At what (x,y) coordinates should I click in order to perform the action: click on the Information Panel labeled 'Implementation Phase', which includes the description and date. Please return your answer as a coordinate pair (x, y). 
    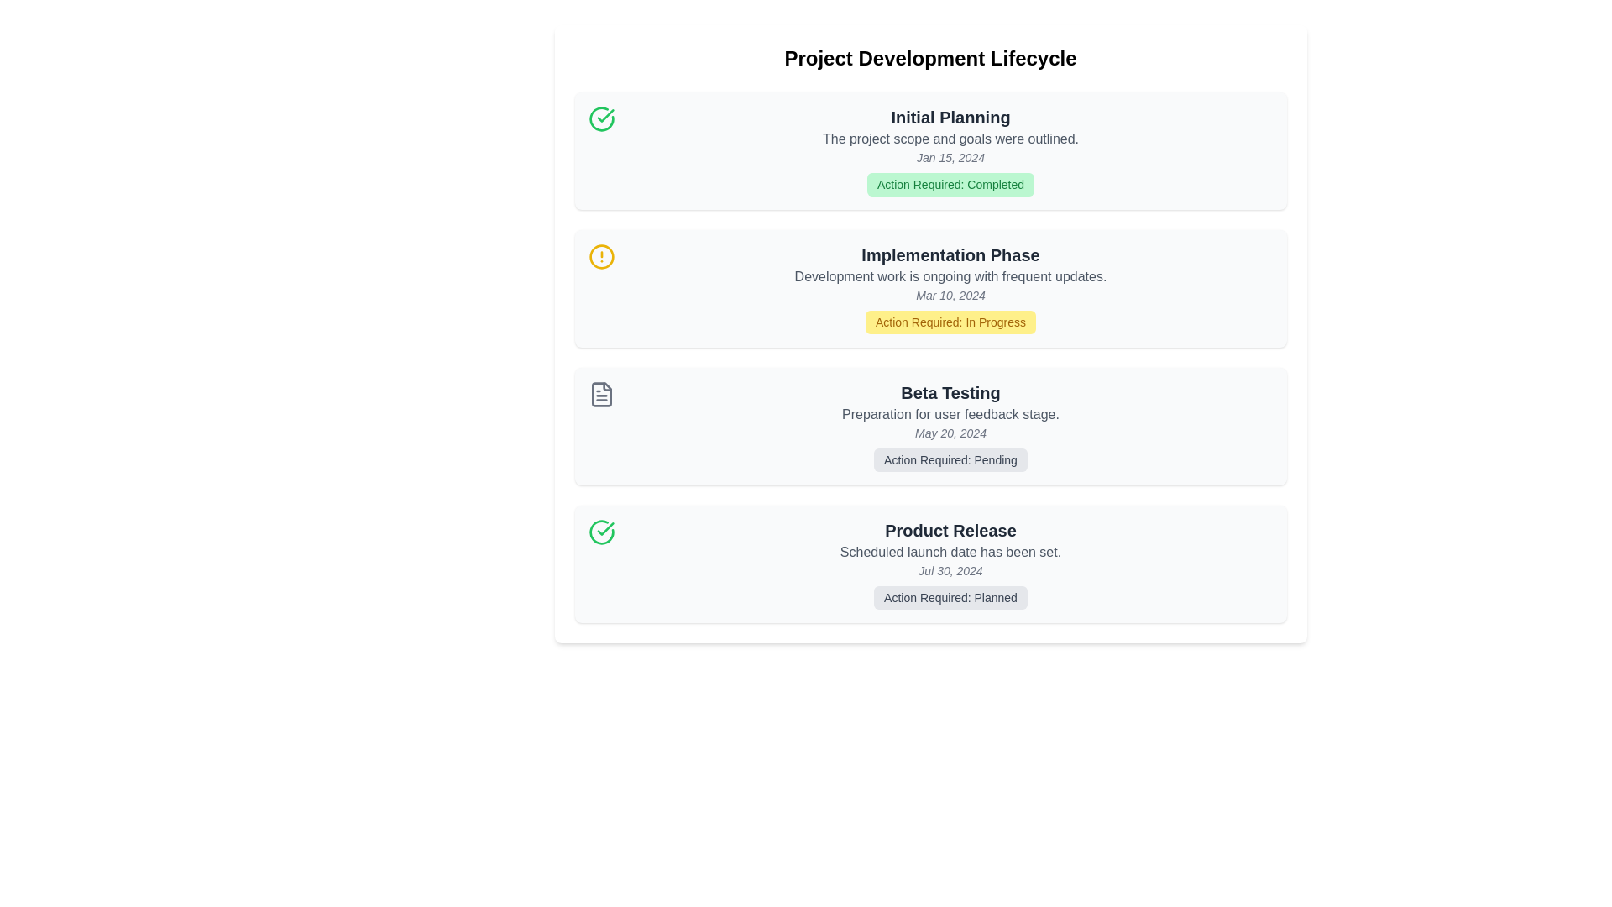
    Looking at the image, I should click on (950, 287).